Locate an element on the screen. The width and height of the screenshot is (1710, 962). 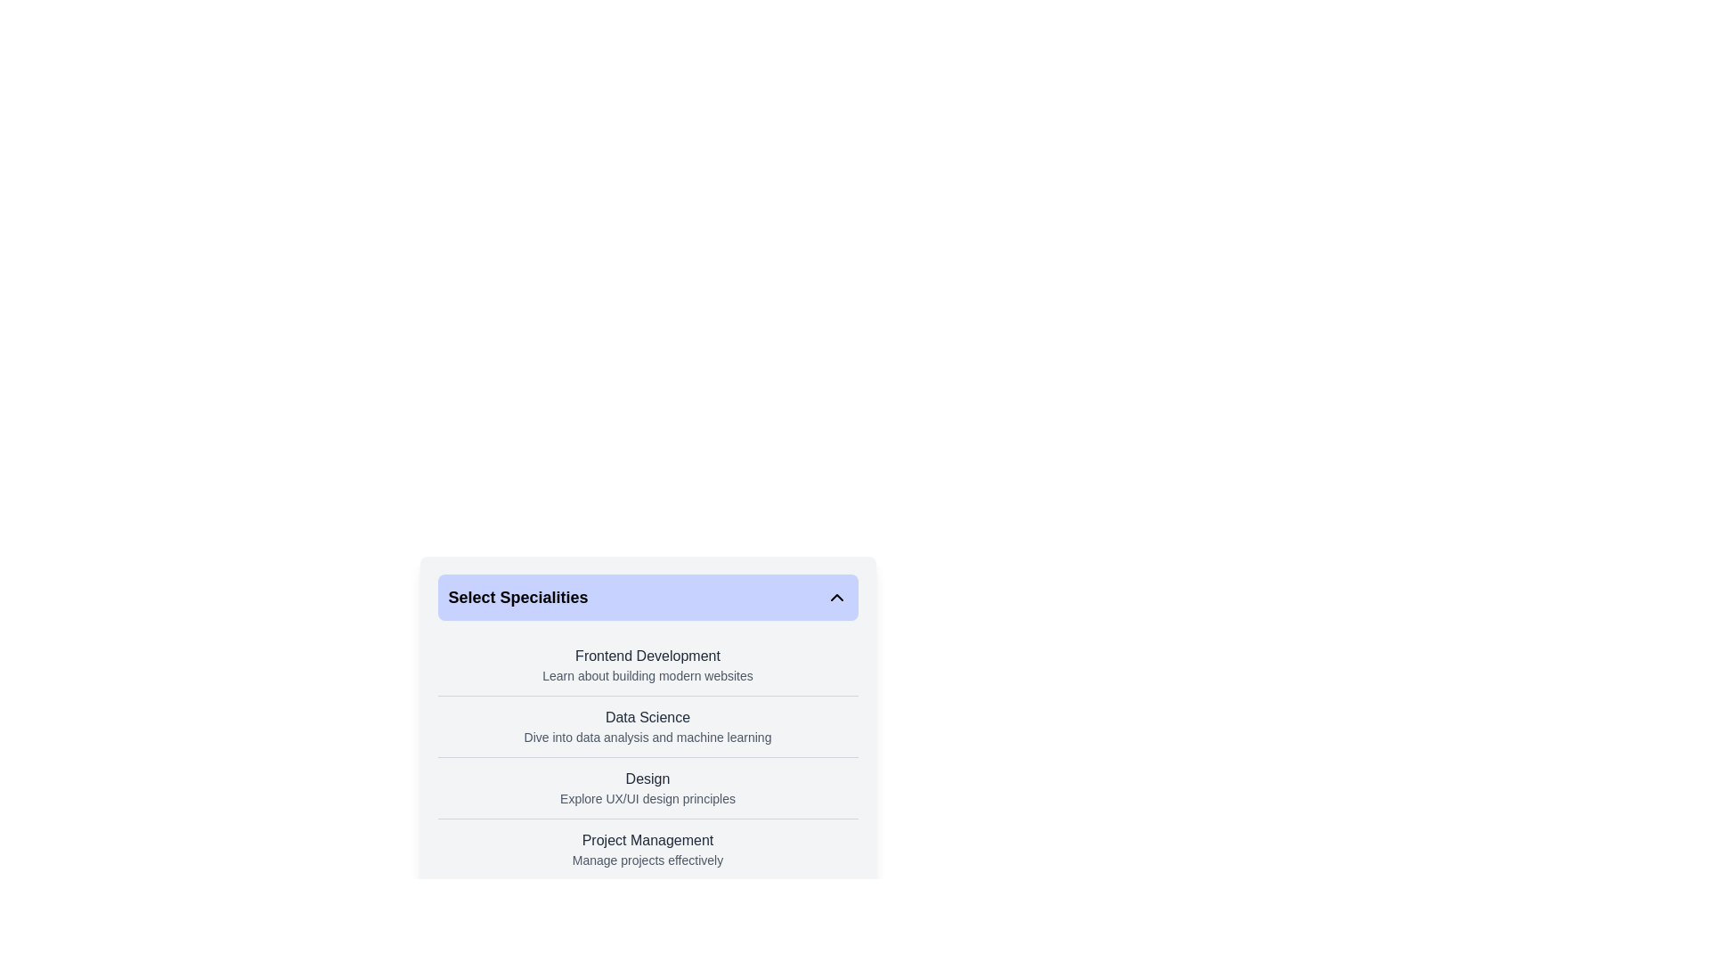
the Chevron or dropdown icon located on the right side of the horizontal blue bar labeled 'Select Specialities' is located at coordinates (835, 598).